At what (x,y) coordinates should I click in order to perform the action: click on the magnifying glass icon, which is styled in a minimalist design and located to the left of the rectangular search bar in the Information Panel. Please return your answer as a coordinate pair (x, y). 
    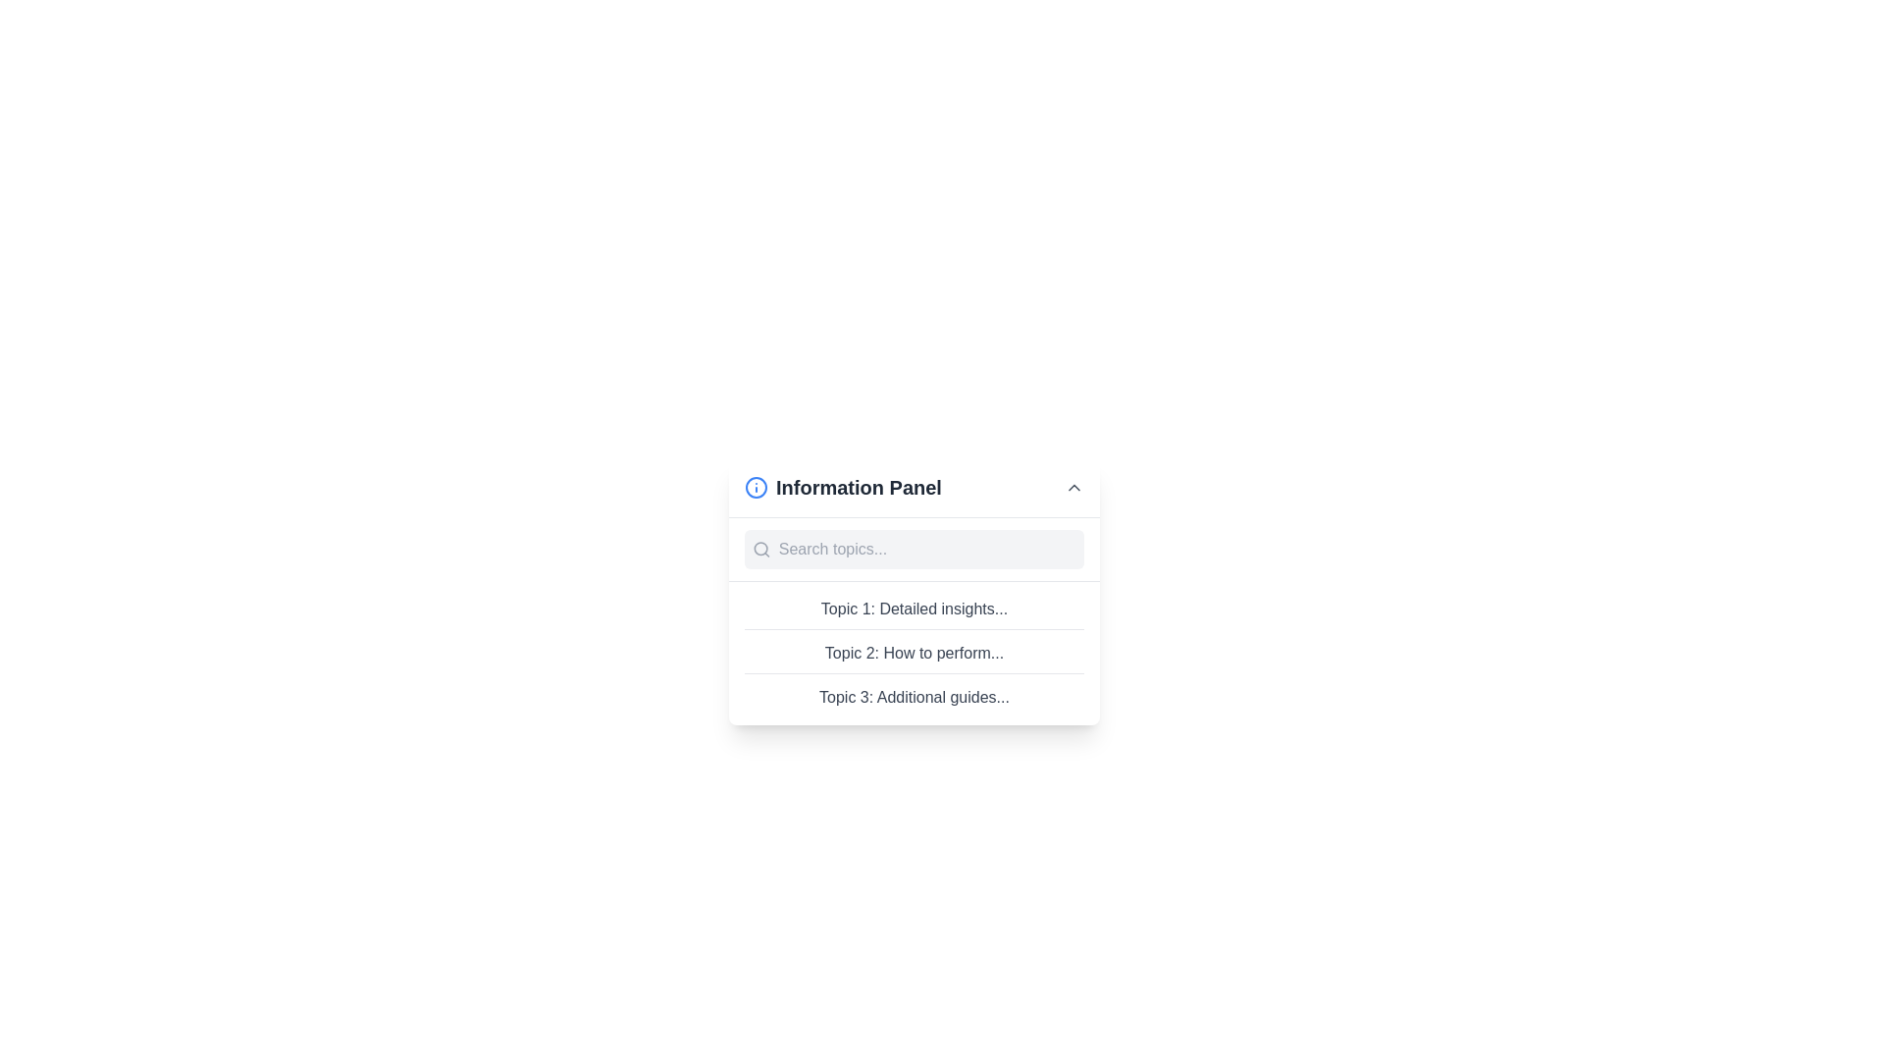
    Looking at the image, I should click on (760, 549).